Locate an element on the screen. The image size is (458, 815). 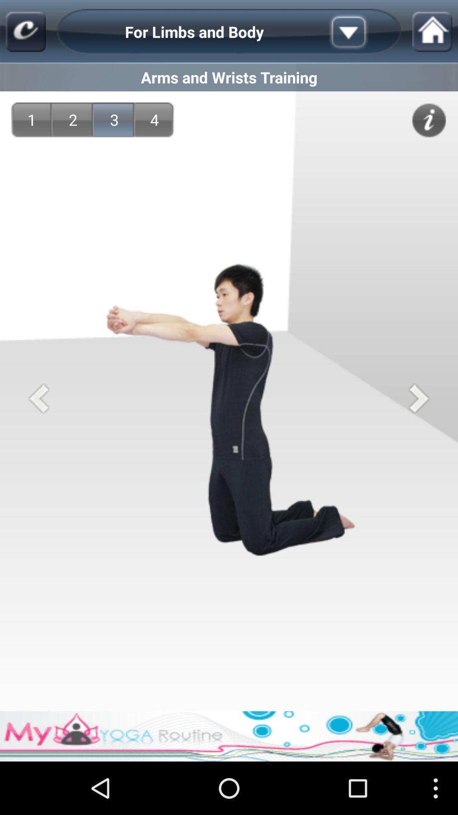
next arrow is located at coordinates (419, 398).